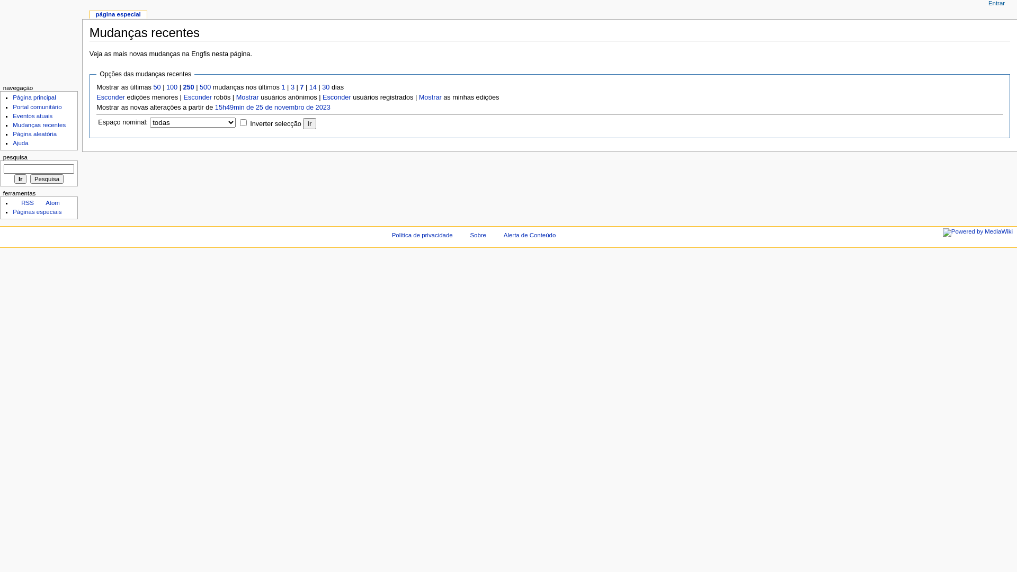 This screenshot has height=572, width=1017. I want to click on 'RSS', so click(23, 202).